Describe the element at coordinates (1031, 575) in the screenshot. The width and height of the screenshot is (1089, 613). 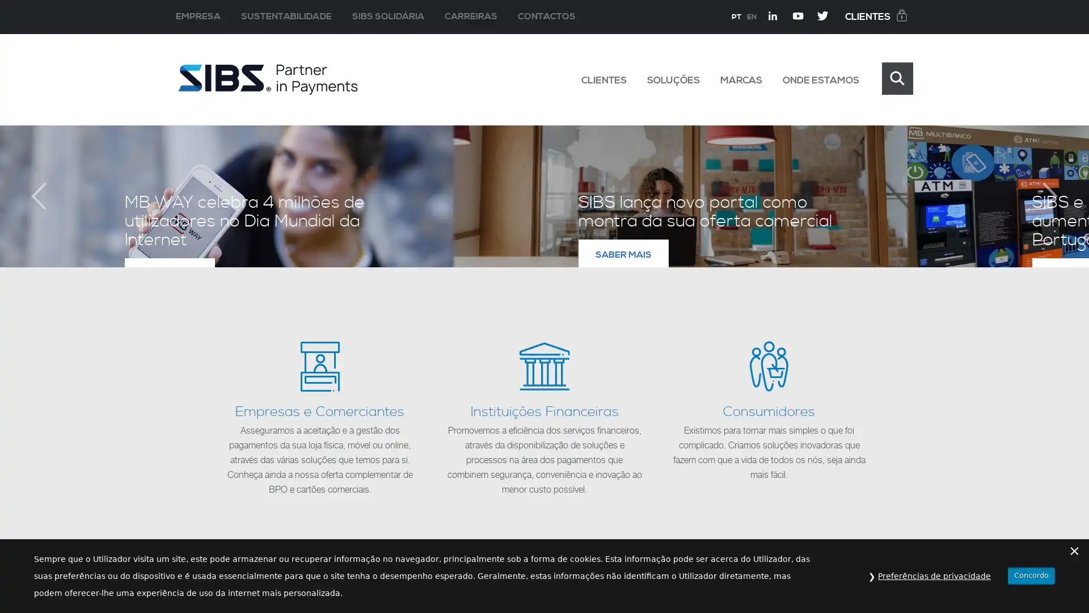
I see `Concordo` at that location.